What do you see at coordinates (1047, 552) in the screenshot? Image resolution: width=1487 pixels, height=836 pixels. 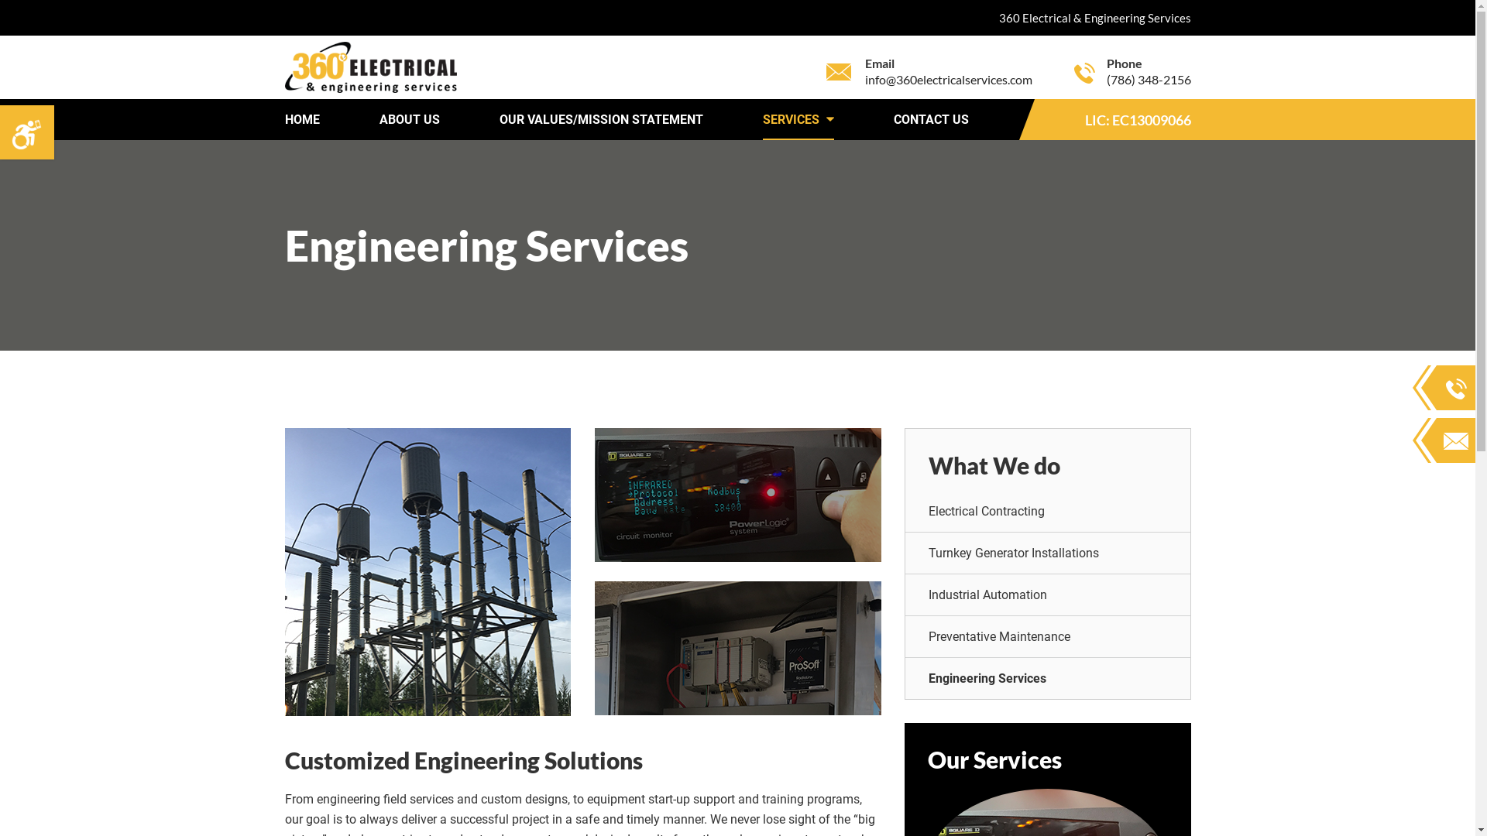 I see `'Turnkey Generator Installations'` at bounding box center [1047, 552].